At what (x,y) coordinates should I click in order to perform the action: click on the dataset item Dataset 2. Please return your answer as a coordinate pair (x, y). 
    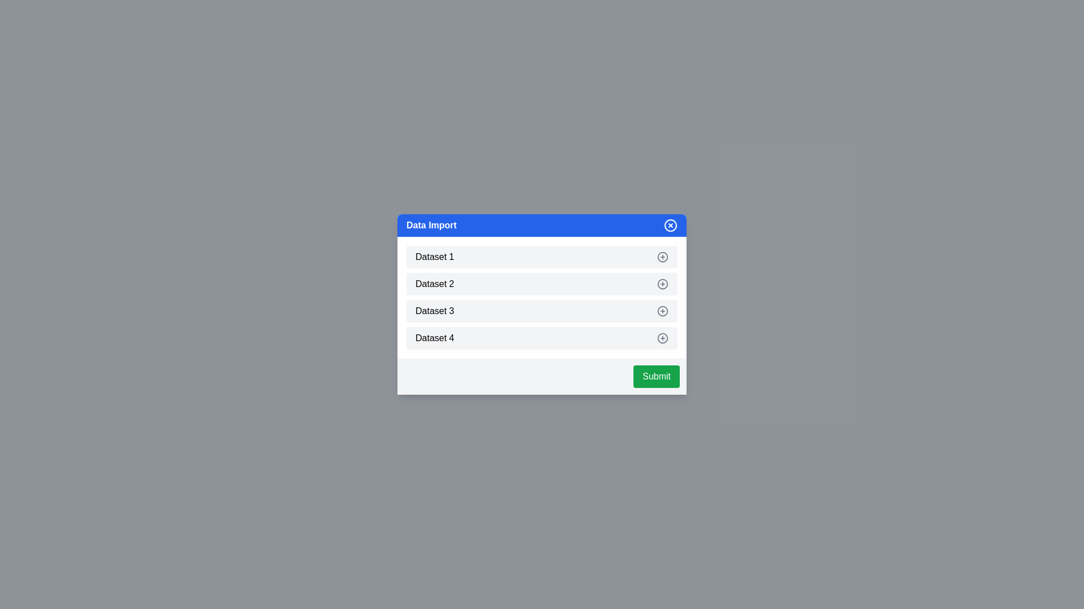
    Looking at the image, I should click on (663, 284).